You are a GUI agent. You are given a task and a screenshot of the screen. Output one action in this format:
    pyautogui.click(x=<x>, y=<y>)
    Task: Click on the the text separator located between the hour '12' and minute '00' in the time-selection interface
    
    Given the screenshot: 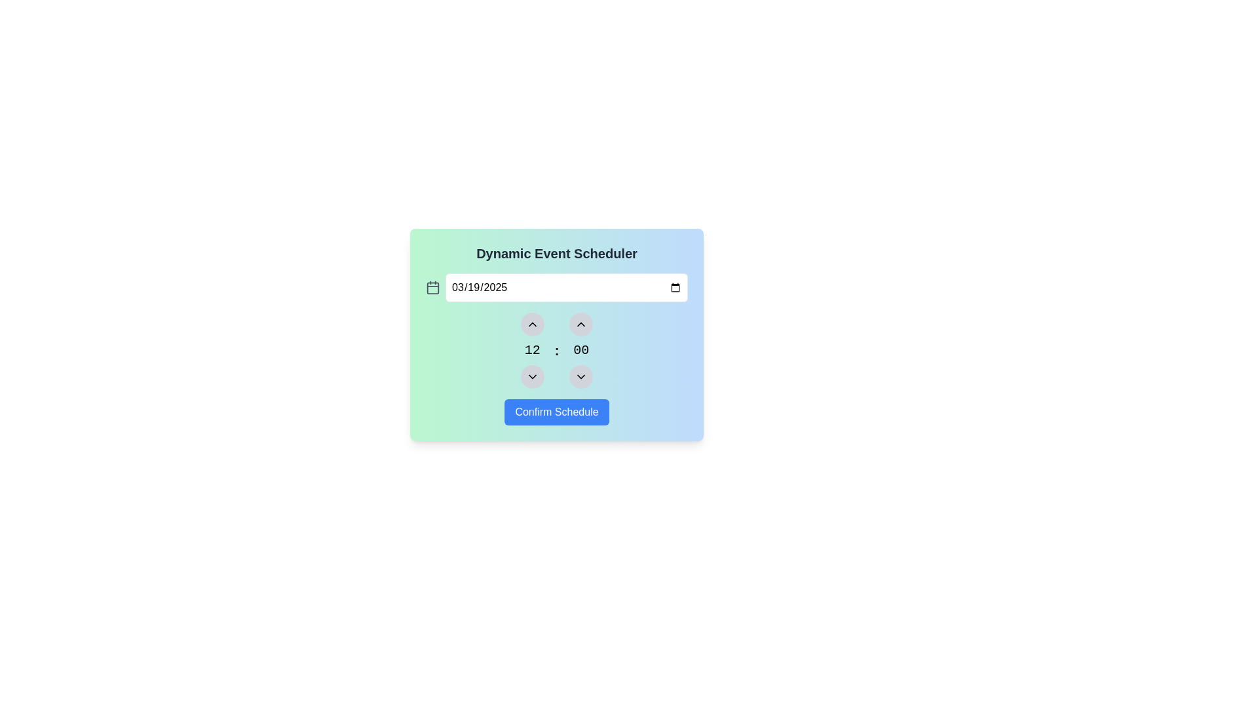 What is the action you would take?
    pyautogui.click(x=556, y=350)
    